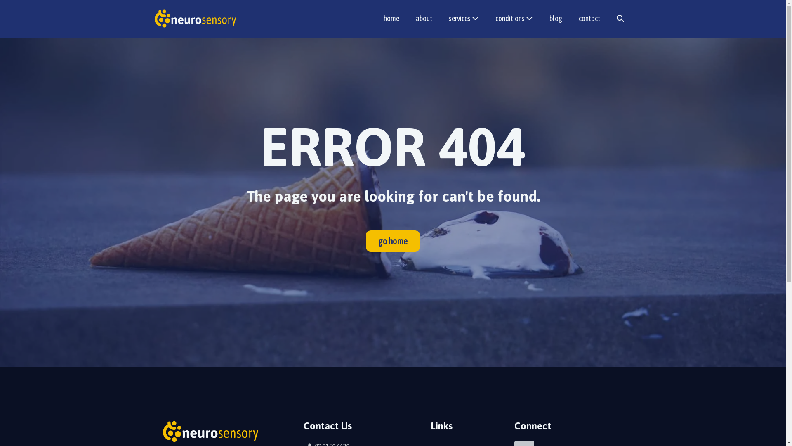  I want to click on 'go home', so click(392, 241).